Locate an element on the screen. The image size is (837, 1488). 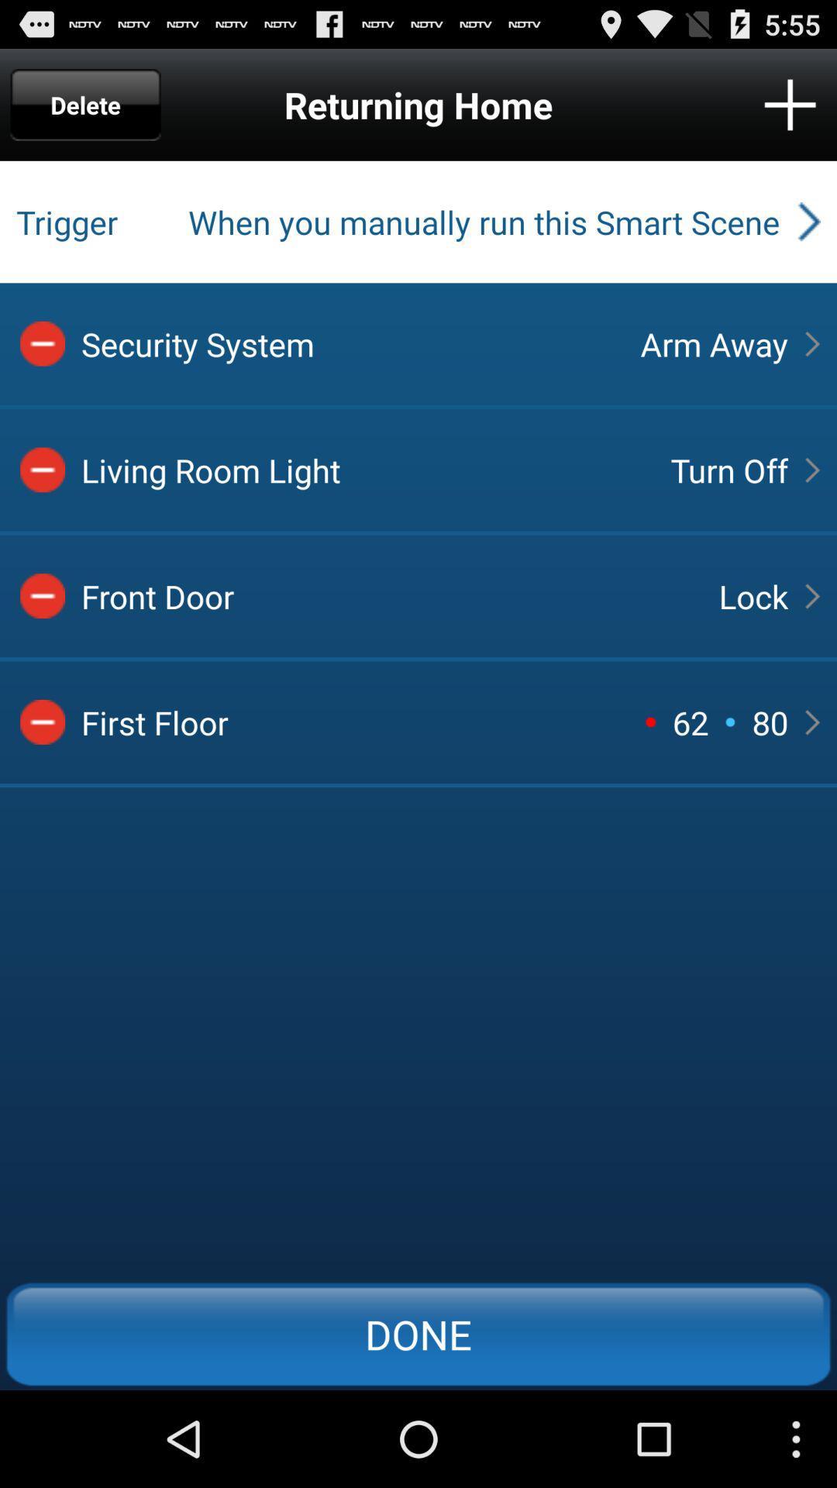
living room light item is located at coordinates (362, 469).